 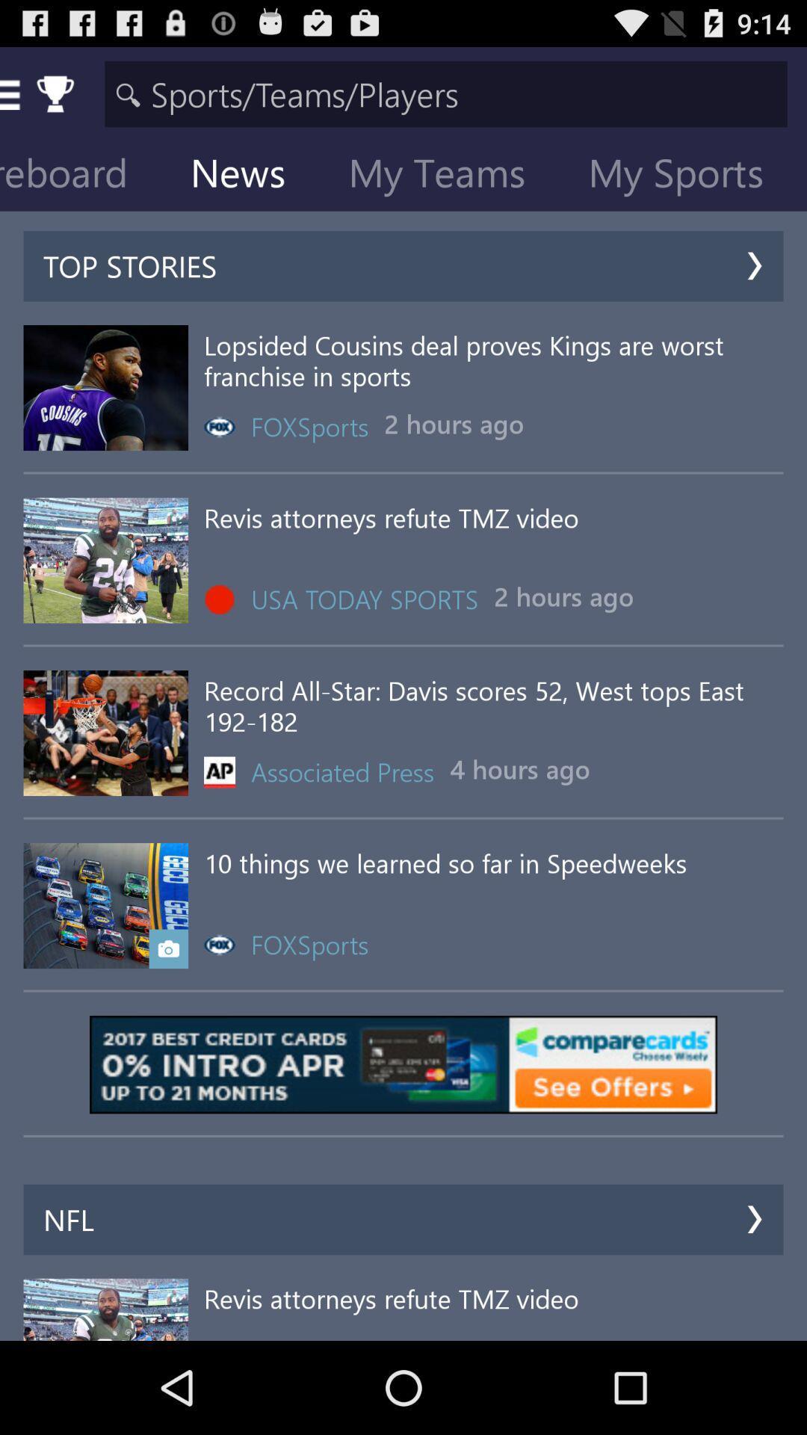 I want to click on the scoreboard item, so click(x=85, y=176).